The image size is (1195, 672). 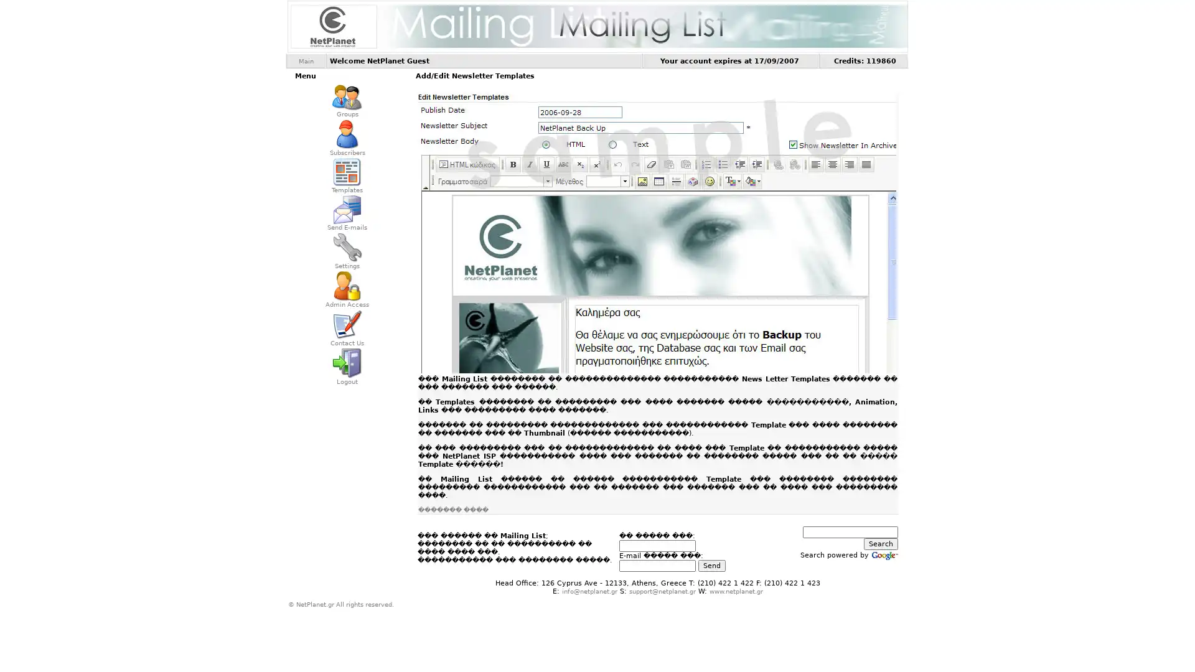 What do you see at coordinates (711, 565) in the screenshot?
I see `Send` at bounding box center [711, 565].